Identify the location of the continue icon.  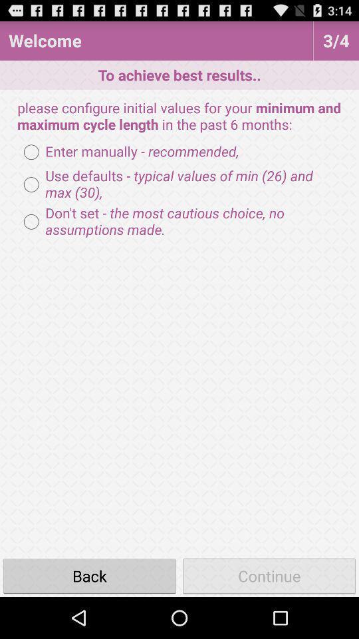
(269, 575).